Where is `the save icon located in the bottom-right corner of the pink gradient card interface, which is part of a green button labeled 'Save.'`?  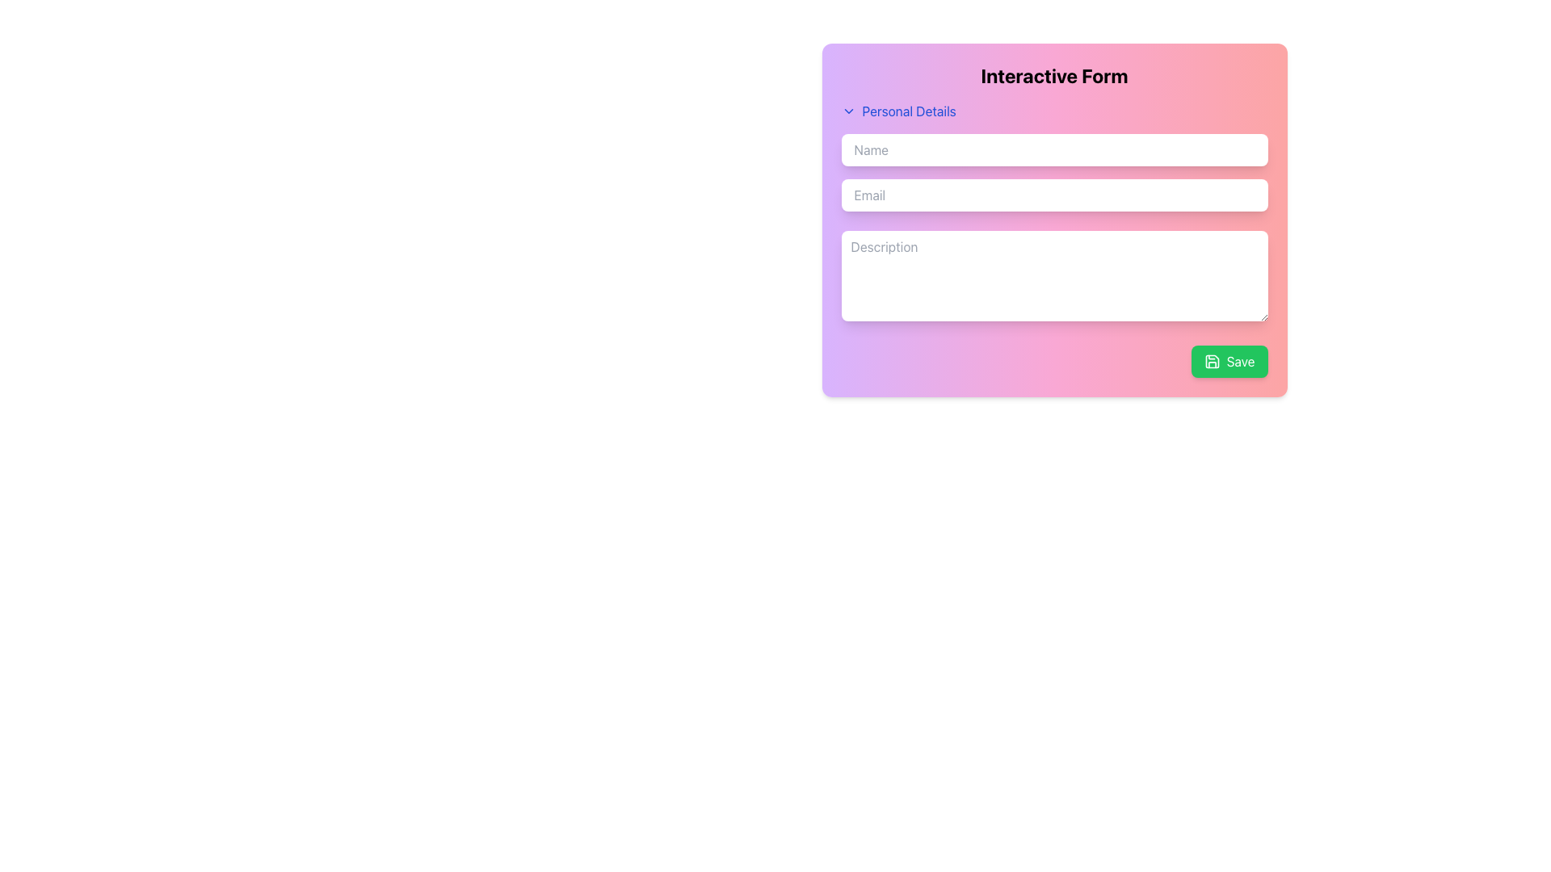 the save icon located in the bottom-right corner of the pink gradient card interface, which is part of a green button labeled 'Save.' is located at coordinates (1212, 360).